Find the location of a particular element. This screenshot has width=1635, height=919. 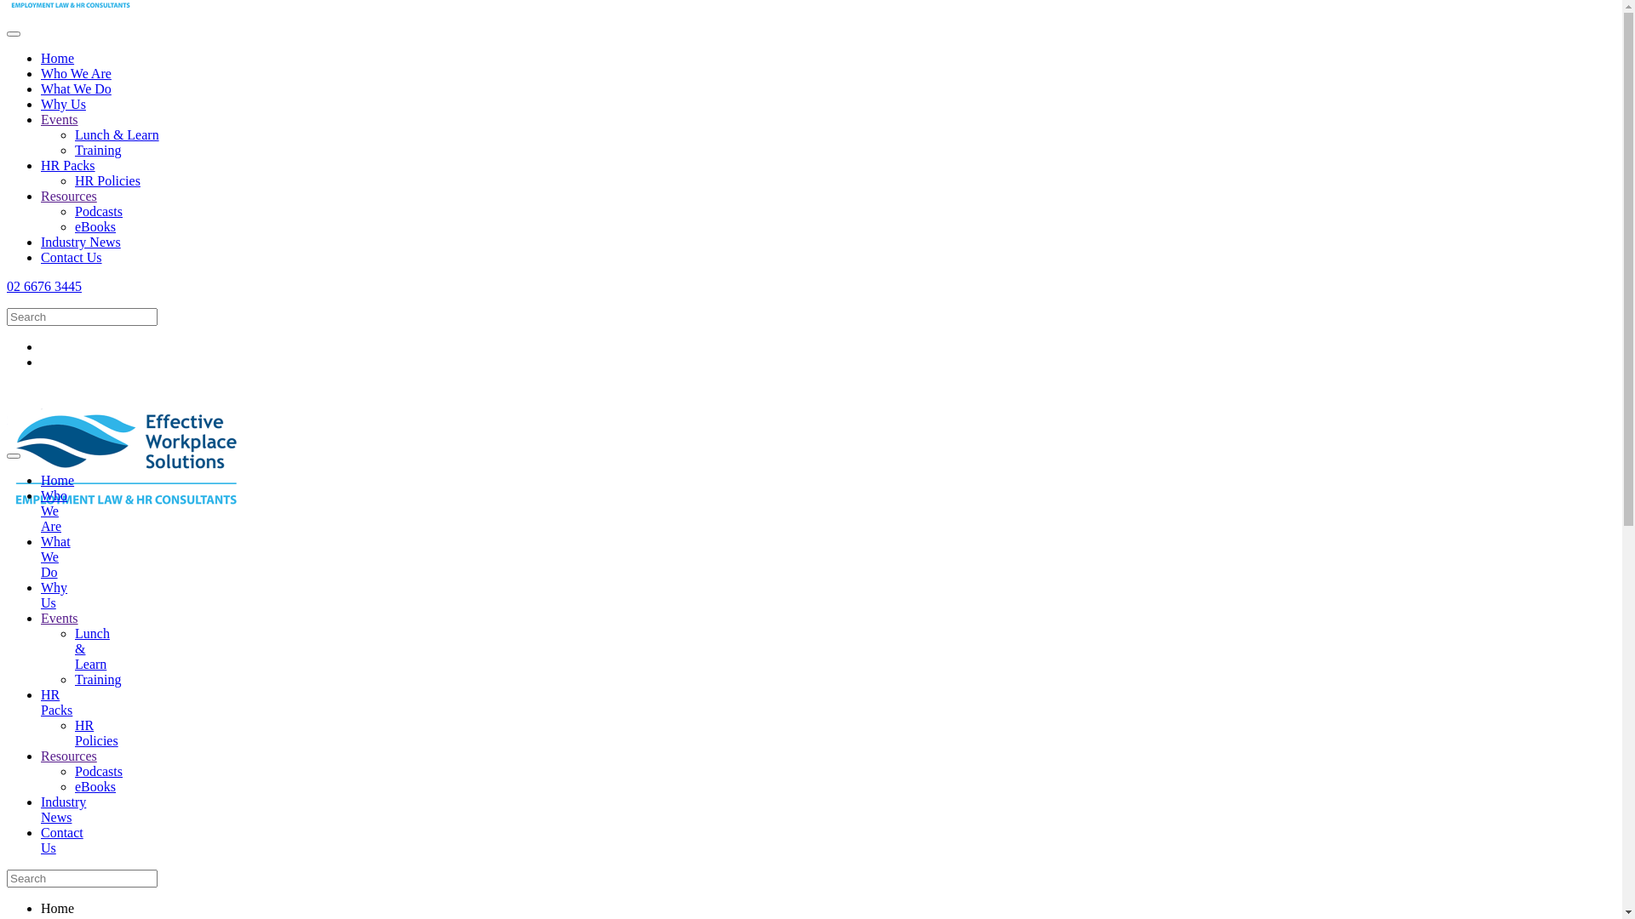

'eBooks' is located at coordinates (94, 225).